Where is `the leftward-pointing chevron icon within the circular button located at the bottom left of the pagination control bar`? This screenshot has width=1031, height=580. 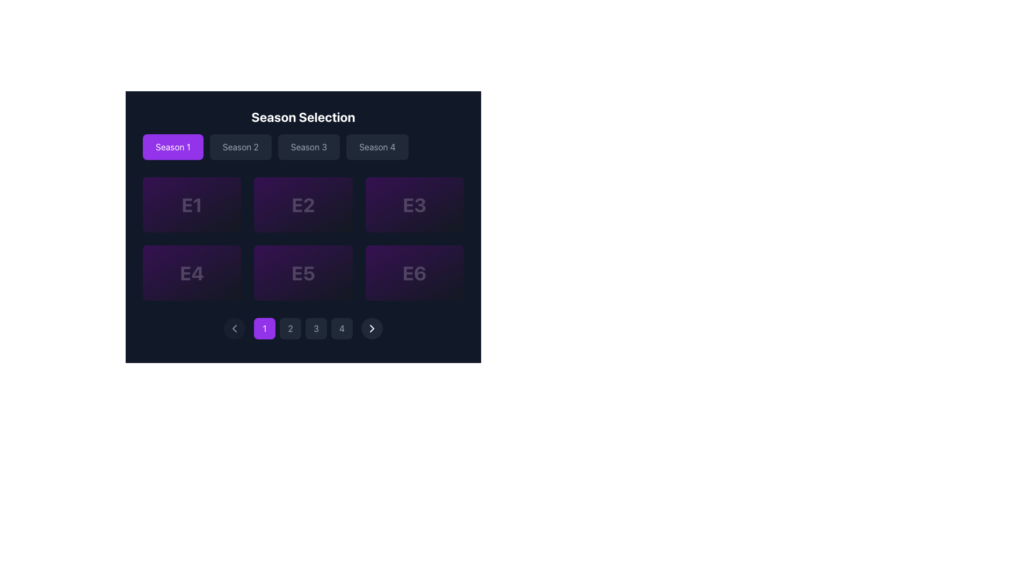
the leftward-pointing chevron icon within the circular button located at the bottom left of the pagination control bar is located at coordinates (234, 328).